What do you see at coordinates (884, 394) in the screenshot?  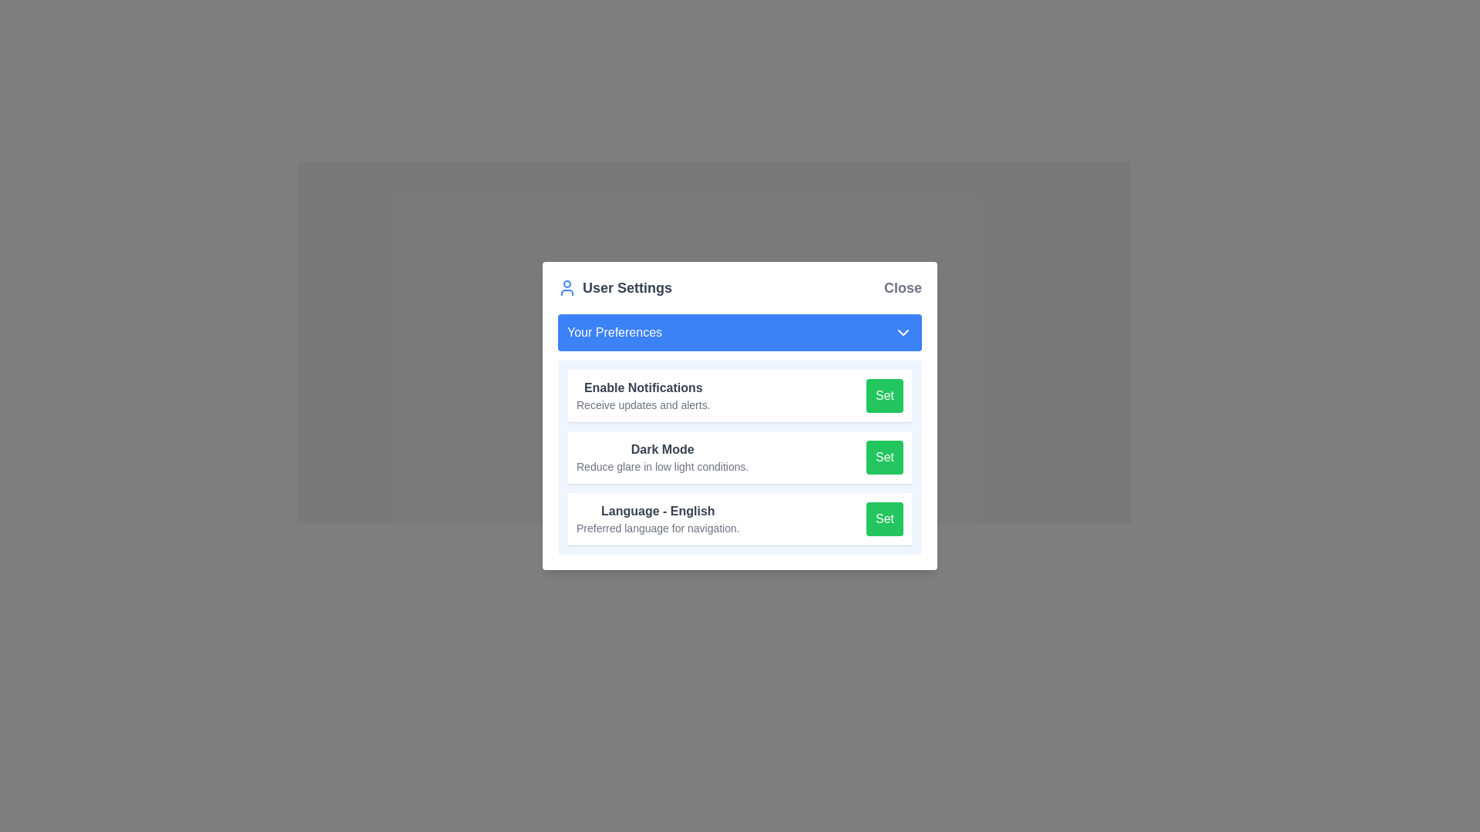 I see `the green button labeled 'Set'` at bounding box center [884, 394].